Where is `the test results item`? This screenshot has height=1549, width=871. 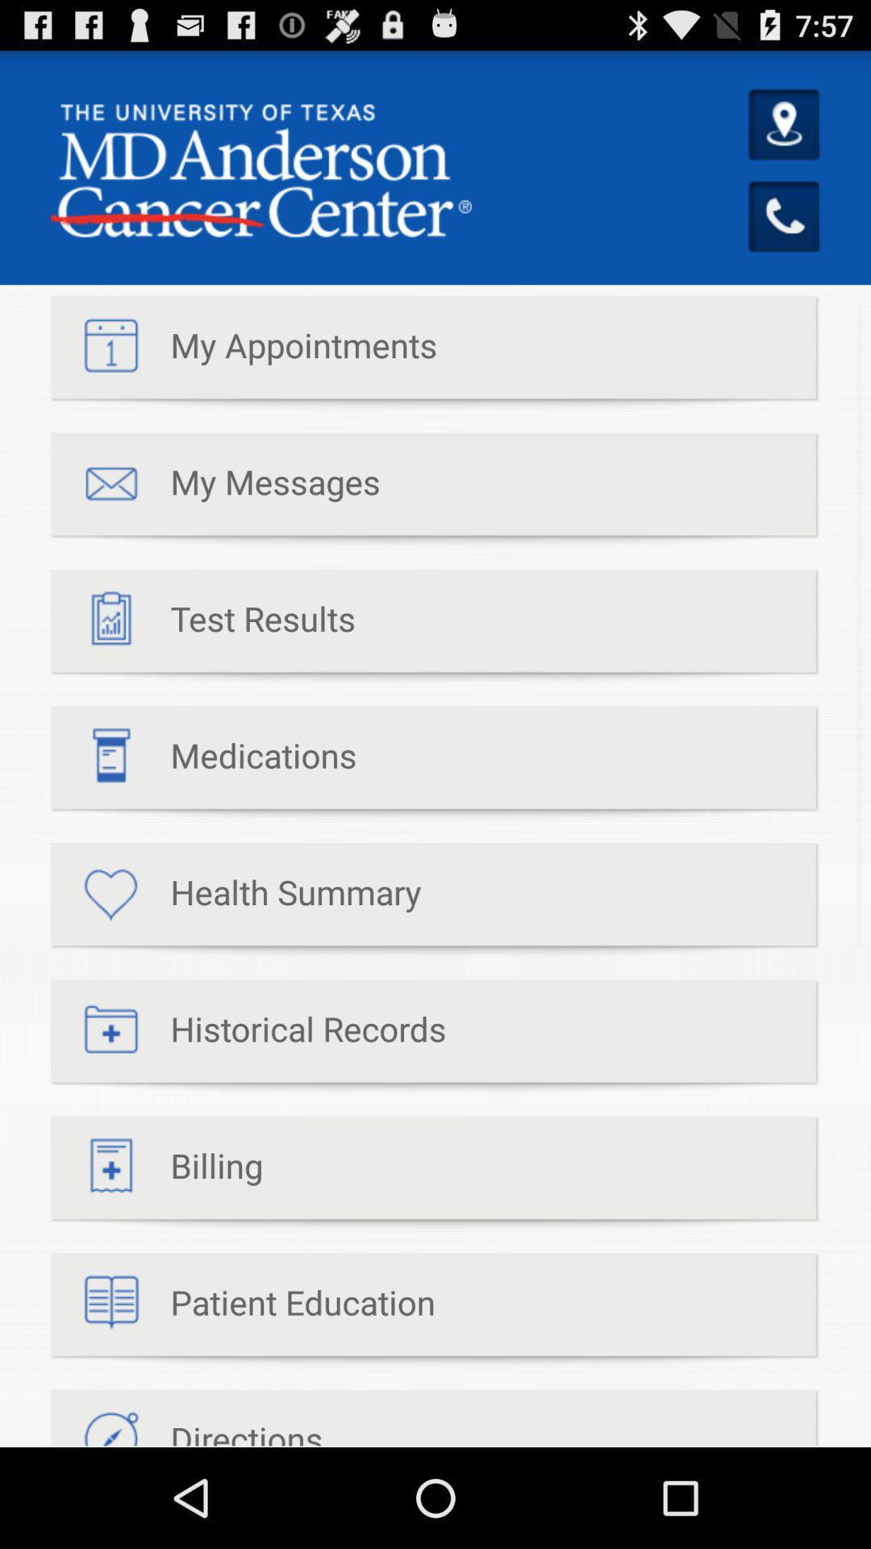 the test results item is located at coordinates (202, 626).